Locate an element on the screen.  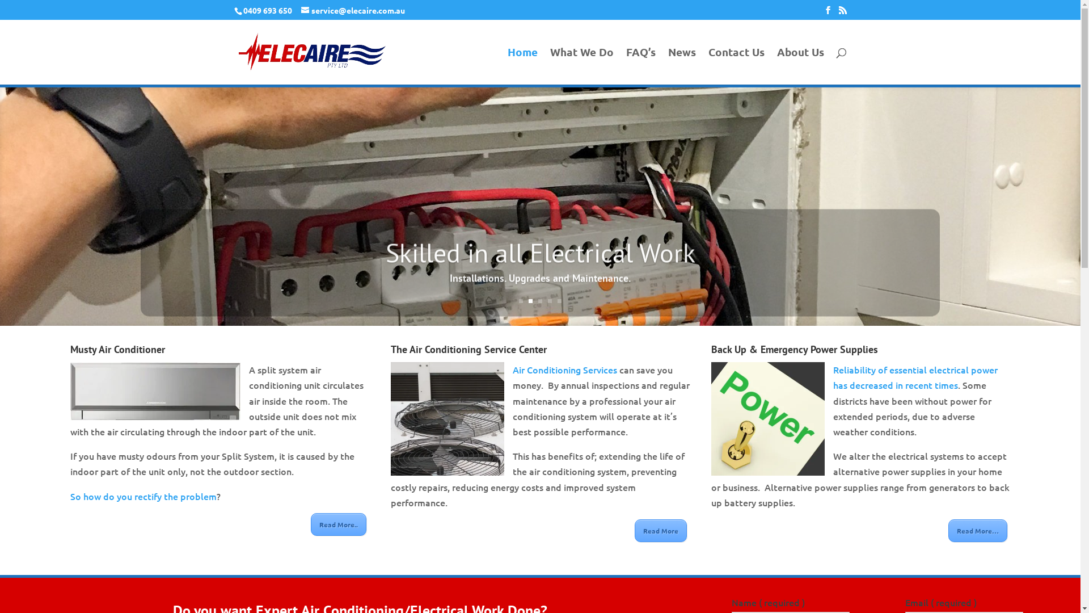
'The Air Conditioning Service Center' is located at coordinates (391, 349).